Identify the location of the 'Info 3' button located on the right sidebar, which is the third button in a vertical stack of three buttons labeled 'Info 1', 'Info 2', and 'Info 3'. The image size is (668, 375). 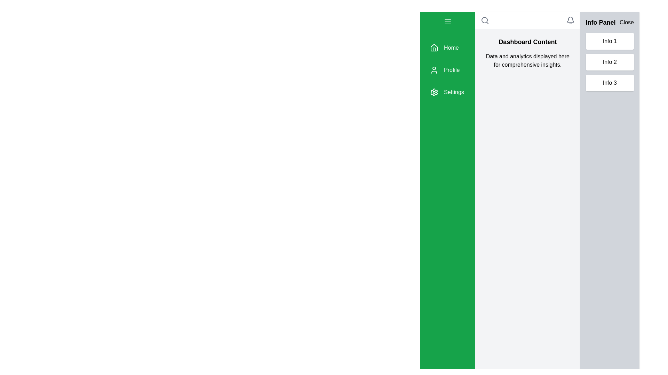
(609, 83).